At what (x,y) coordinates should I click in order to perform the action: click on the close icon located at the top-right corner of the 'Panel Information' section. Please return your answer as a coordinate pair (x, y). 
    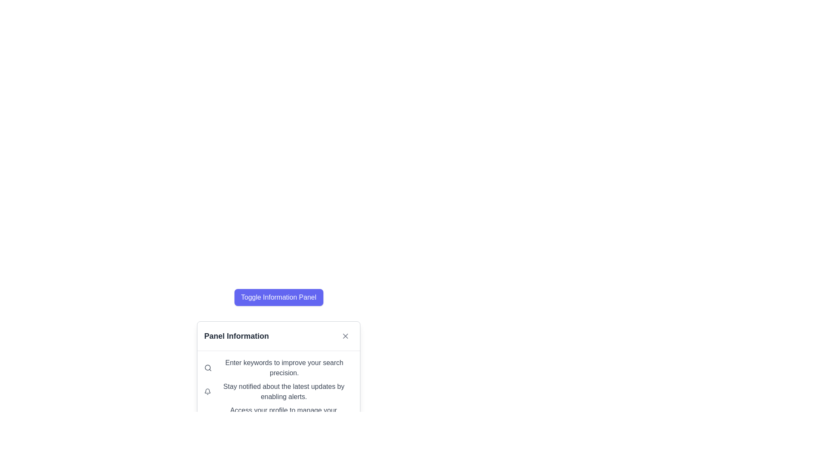
    Looking at the image, I should click on (345, 335).